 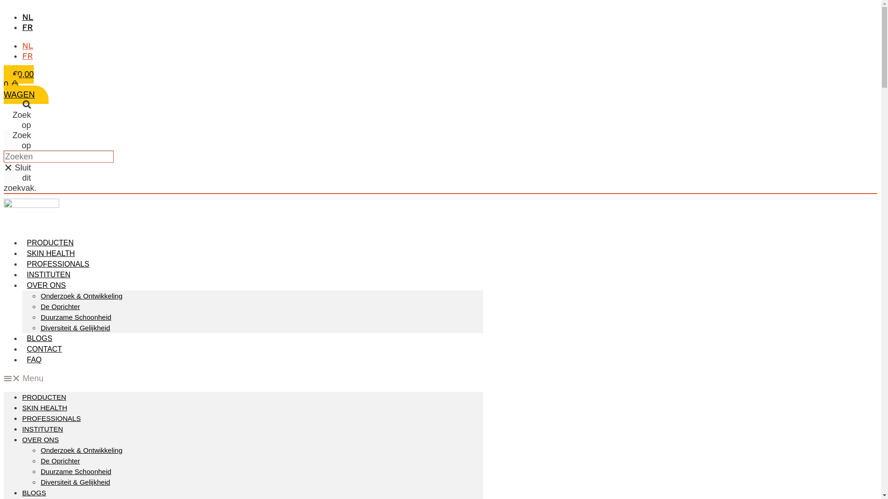 I want to click on 'Onderzoek & Ontwikkeling', so click(x=81, y=450).